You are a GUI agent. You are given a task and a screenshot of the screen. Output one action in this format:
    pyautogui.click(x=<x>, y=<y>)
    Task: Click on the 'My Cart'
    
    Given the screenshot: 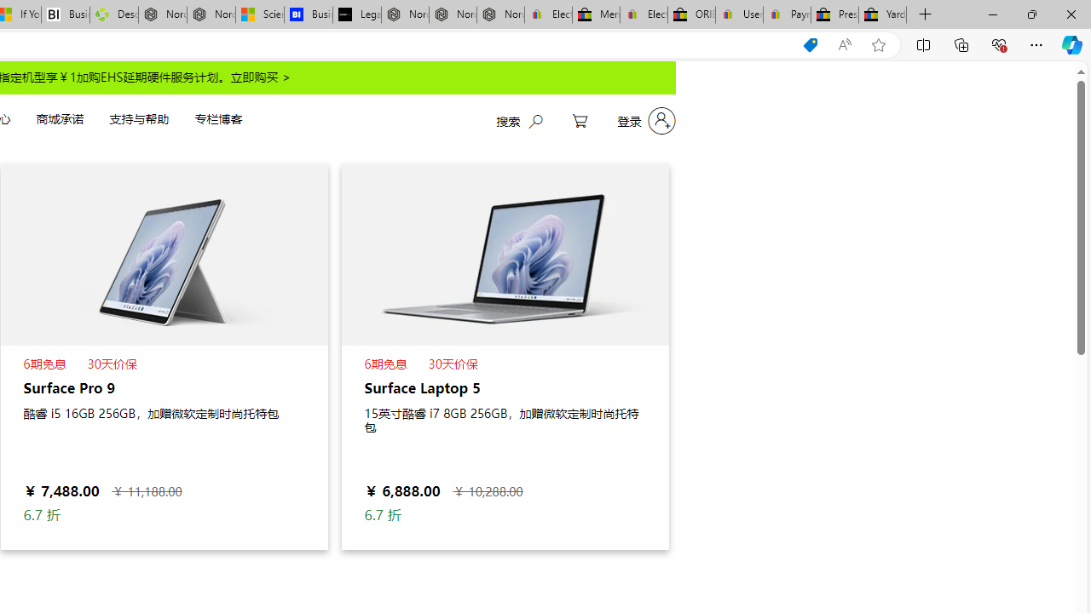 What is the action you would take?
    pyautogui.click(x=580, y=120)
    